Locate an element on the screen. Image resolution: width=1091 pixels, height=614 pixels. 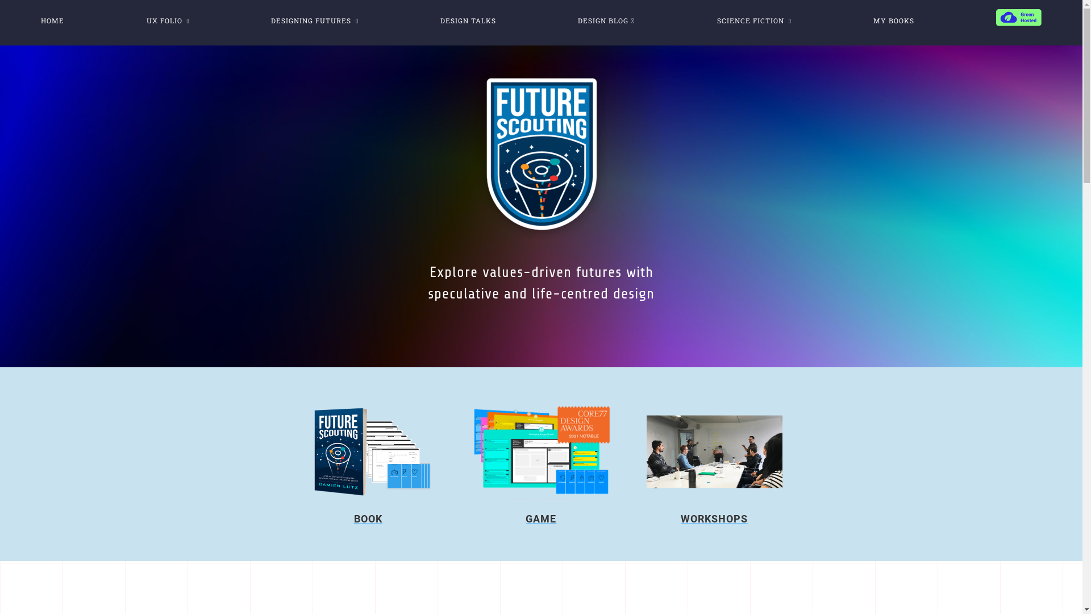
'DESIGNING FUTURES' is located at coordinates (314, 19).